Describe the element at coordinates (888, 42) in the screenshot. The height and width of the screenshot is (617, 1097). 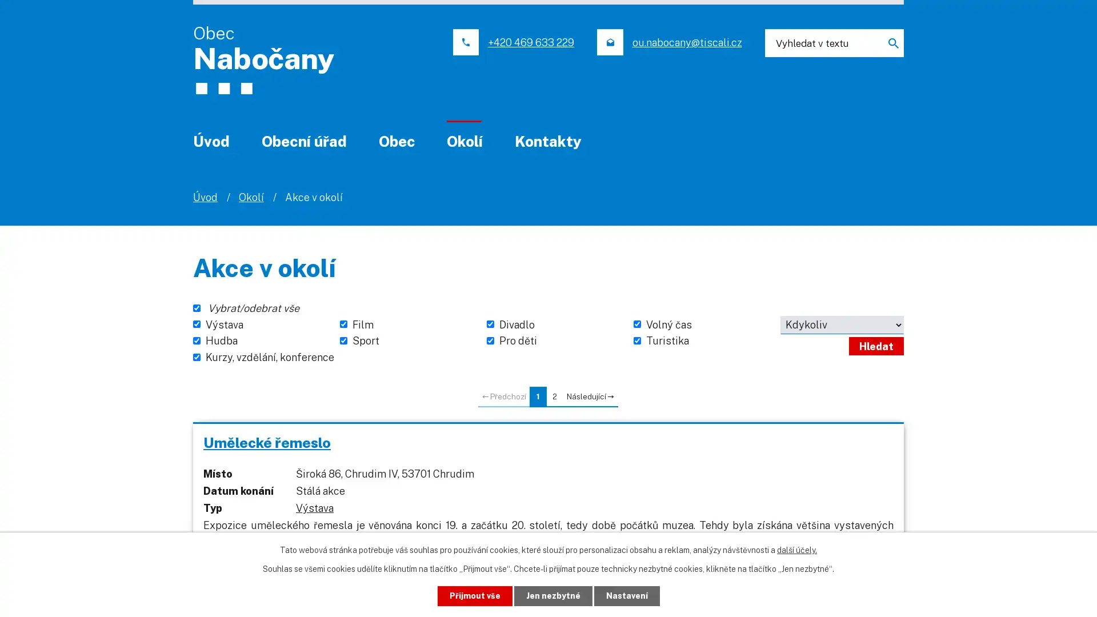
I see `Hledat` at that location.